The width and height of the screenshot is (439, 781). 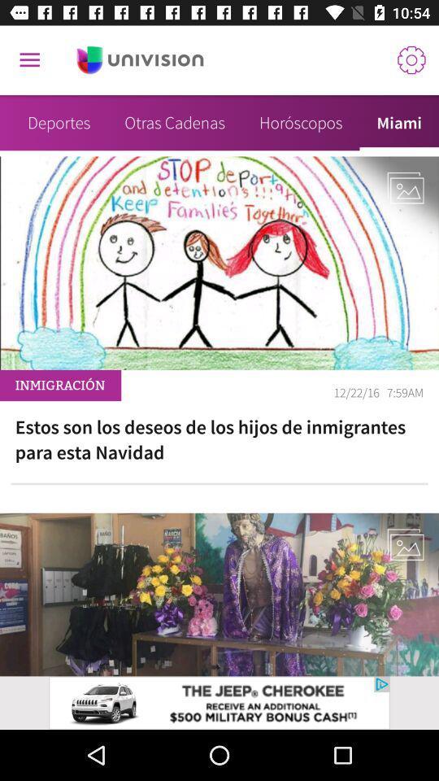 What do you see at coordinates (140, 60) in the screenshot?
I see `universon option` at bounding box center [140, 60].